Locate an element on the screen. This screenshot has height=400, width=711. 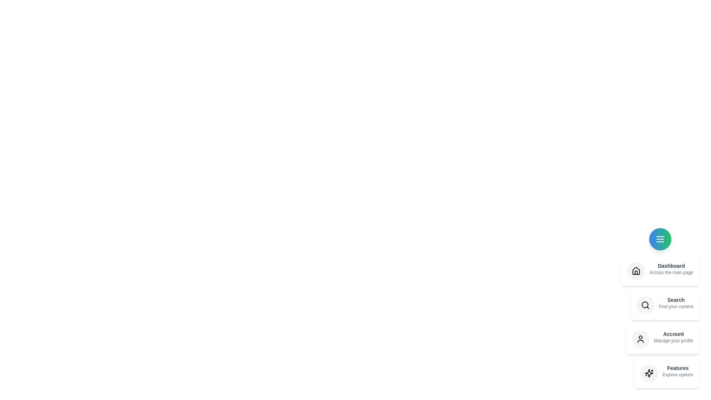
the speed dial item Search to explore its functionality is located at coordinates (665, 305).